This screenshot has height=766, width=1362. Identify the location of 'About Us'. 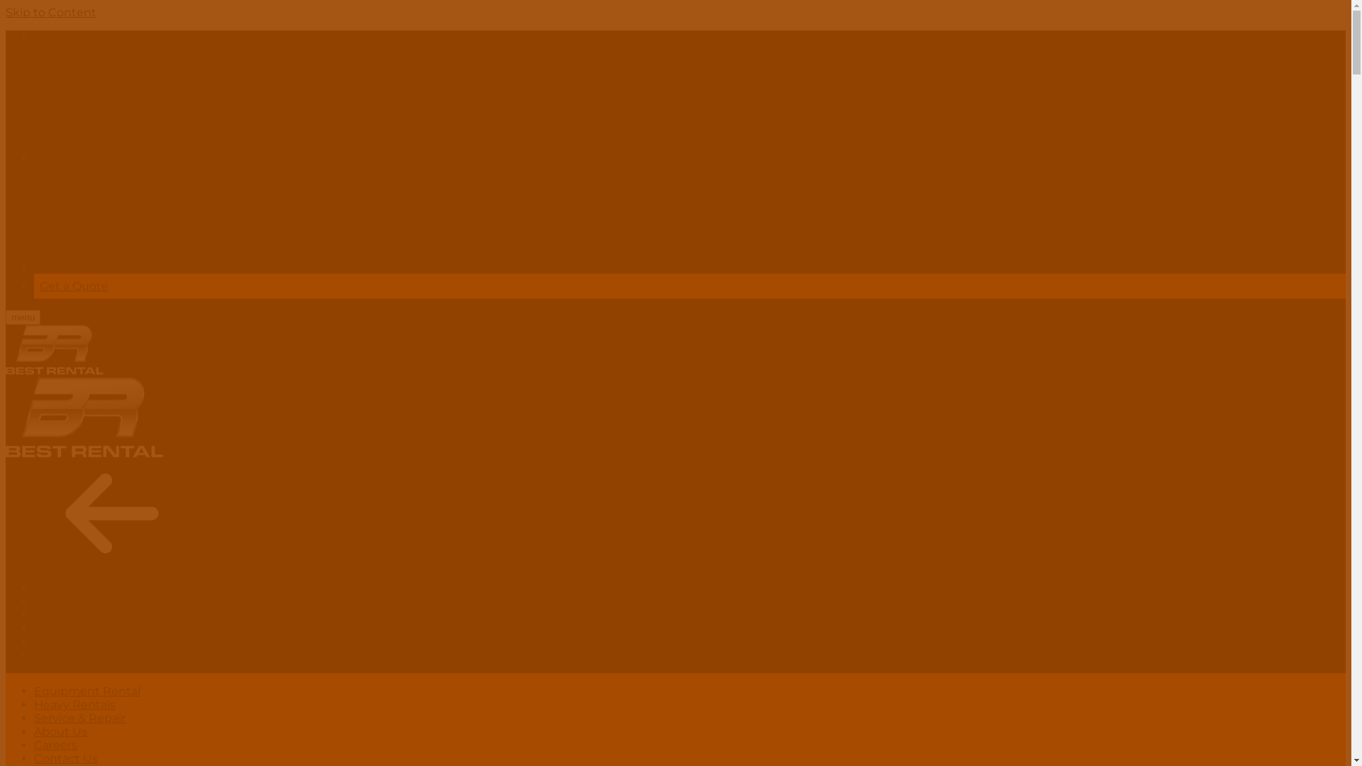
(60, 731).